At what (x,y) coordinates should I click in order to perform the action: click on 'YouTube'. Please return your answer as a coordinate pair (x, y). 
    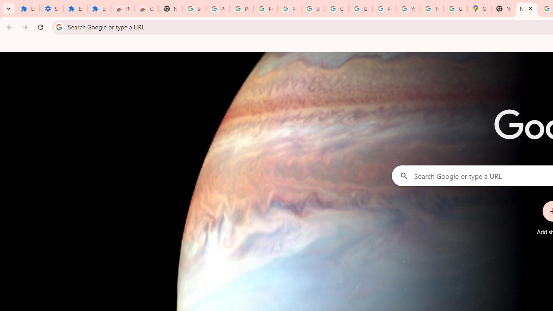
    Looking at the image, I should click on (407, 9).